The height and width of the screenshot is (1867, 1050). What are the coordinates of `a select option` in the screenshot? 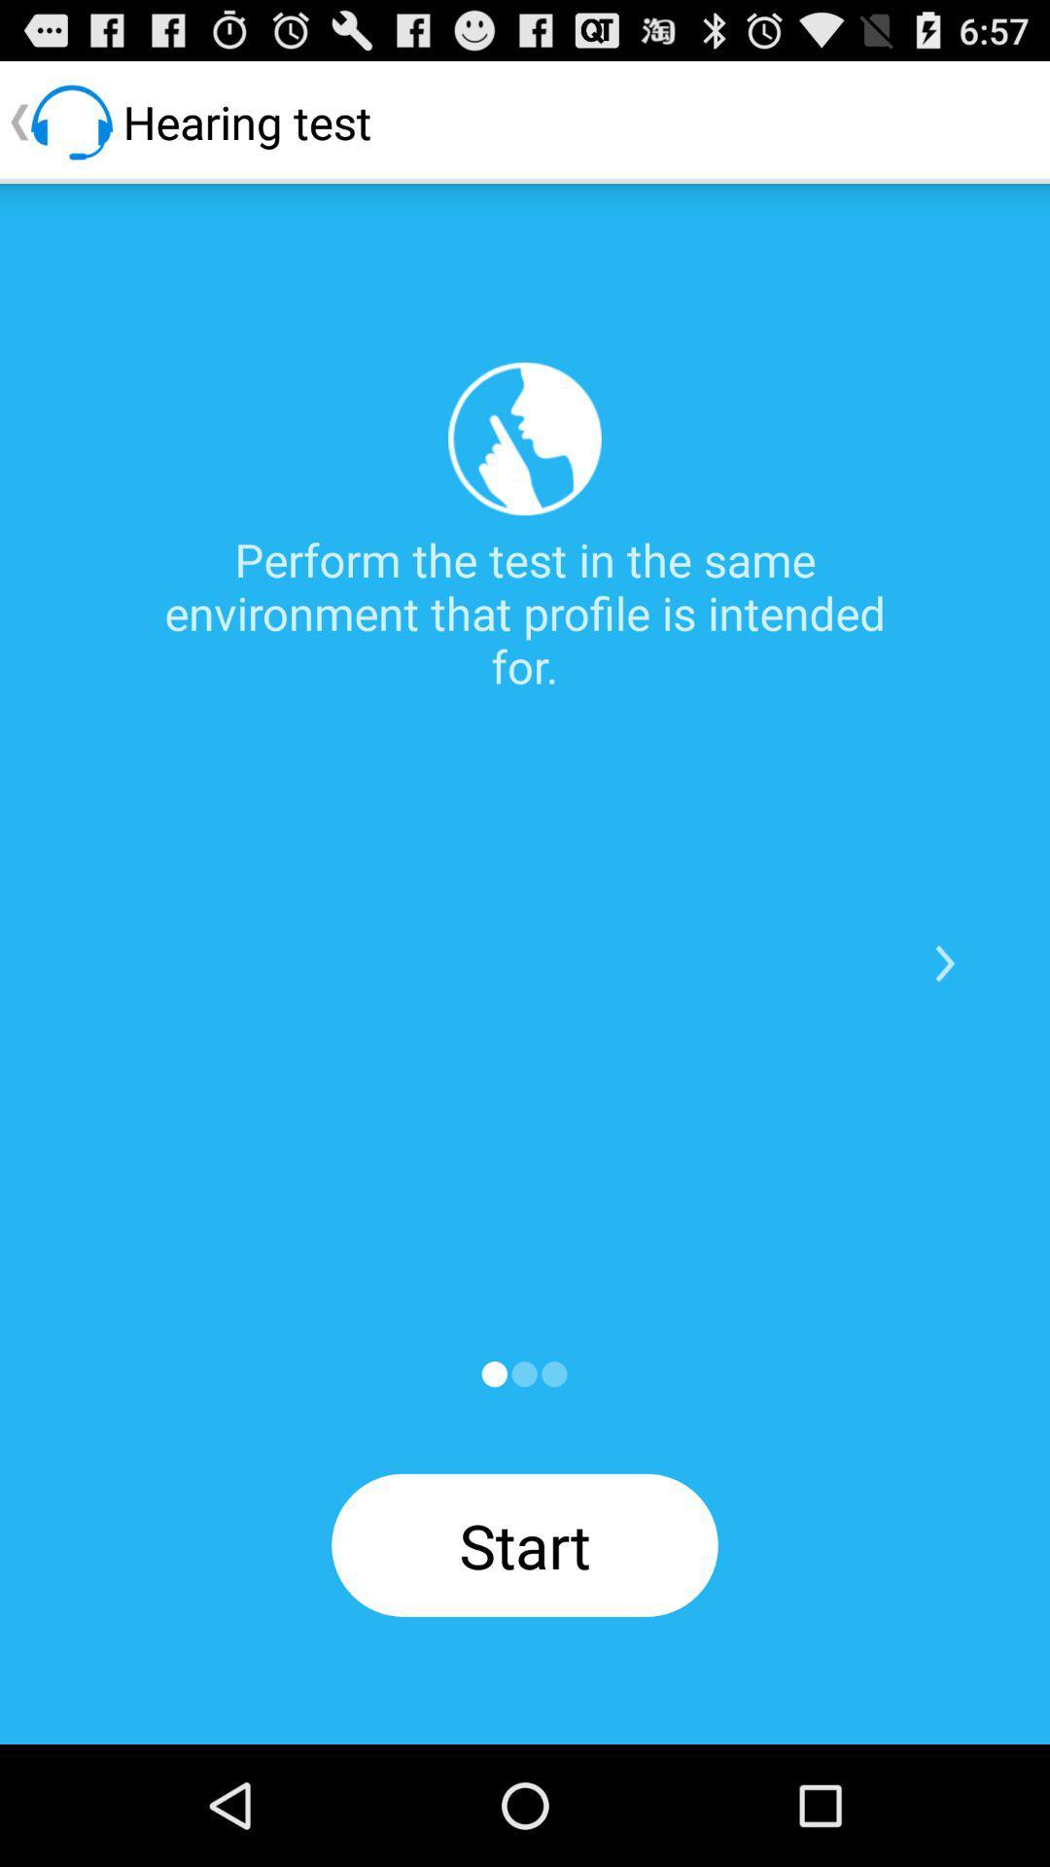 It's located at (523, 1373).